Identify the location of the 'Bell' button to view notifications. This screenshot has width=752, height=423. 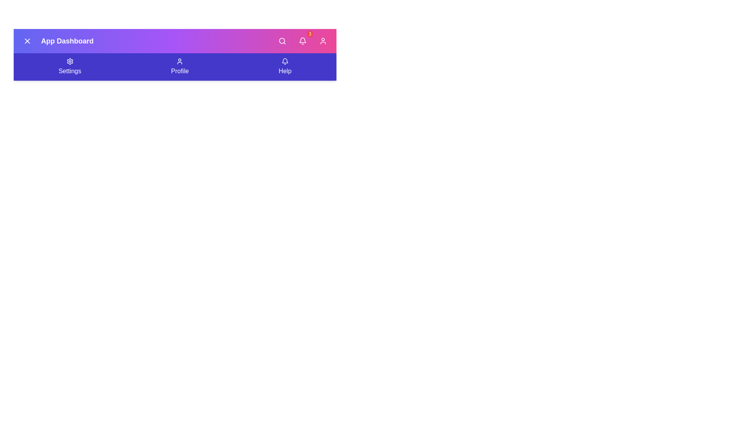
(302, 41).